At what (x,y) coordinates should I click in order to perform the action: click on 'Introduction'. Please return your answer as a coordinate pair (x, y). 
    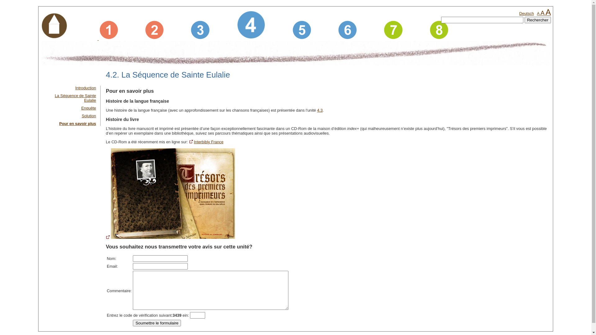
    Looking at the image, I should click on (85, 88).